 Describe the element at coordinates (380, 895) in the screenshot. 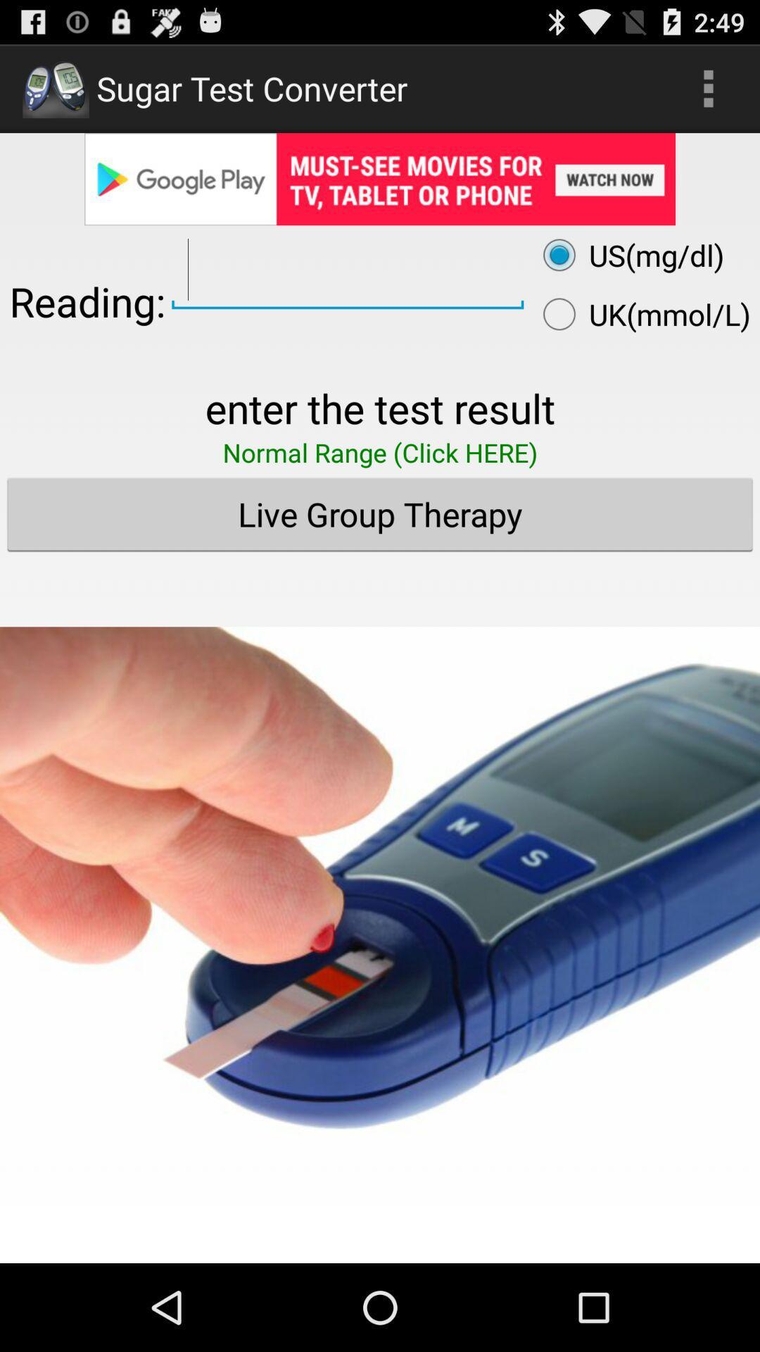

I see `open image` at that location.